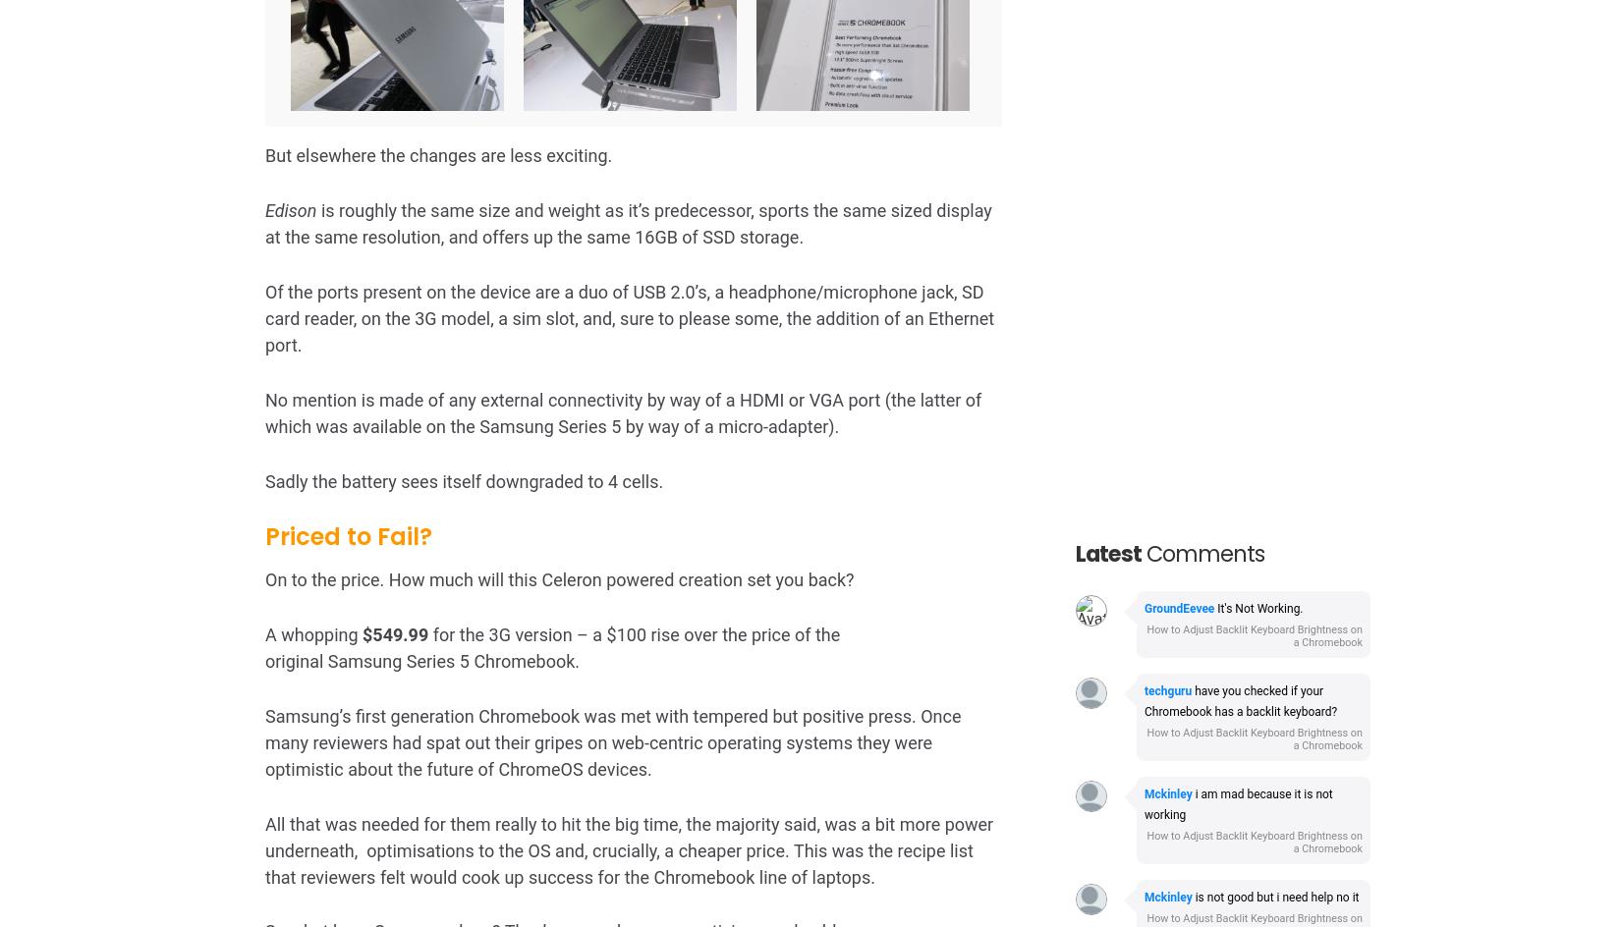 Image resolution: width=1621 pixels, height=927 pixels. I want to click on 'Expecting people to fork out over $500 for a Chromebook is unrealistic. People coming to ChromeOS will be prepared to make sacrifices – but more money for less speed is unlikely to be one of them.', so click(627, 325).